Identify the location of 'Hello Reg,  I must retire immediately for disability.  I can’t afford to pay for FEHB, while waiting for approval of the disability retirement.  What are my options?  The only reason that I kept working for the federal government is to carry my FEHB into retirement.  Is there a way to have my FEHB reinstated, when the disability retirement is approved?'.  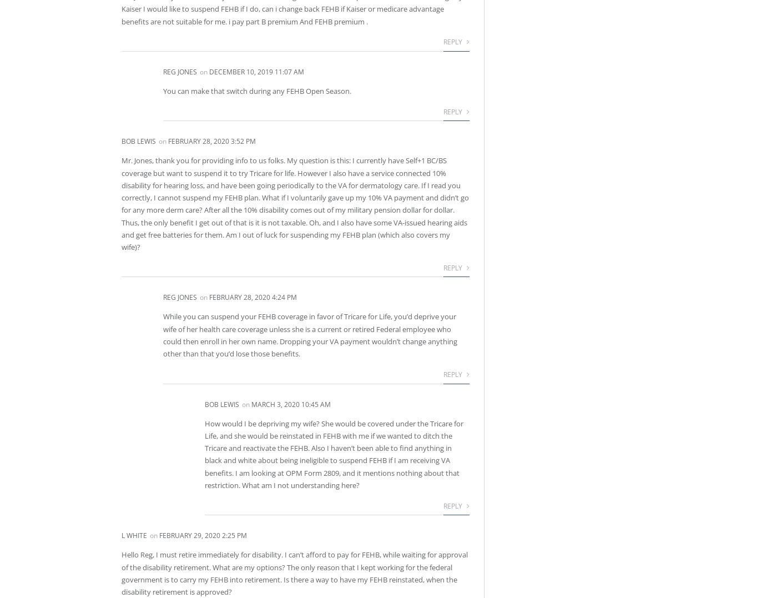
(121, 572).